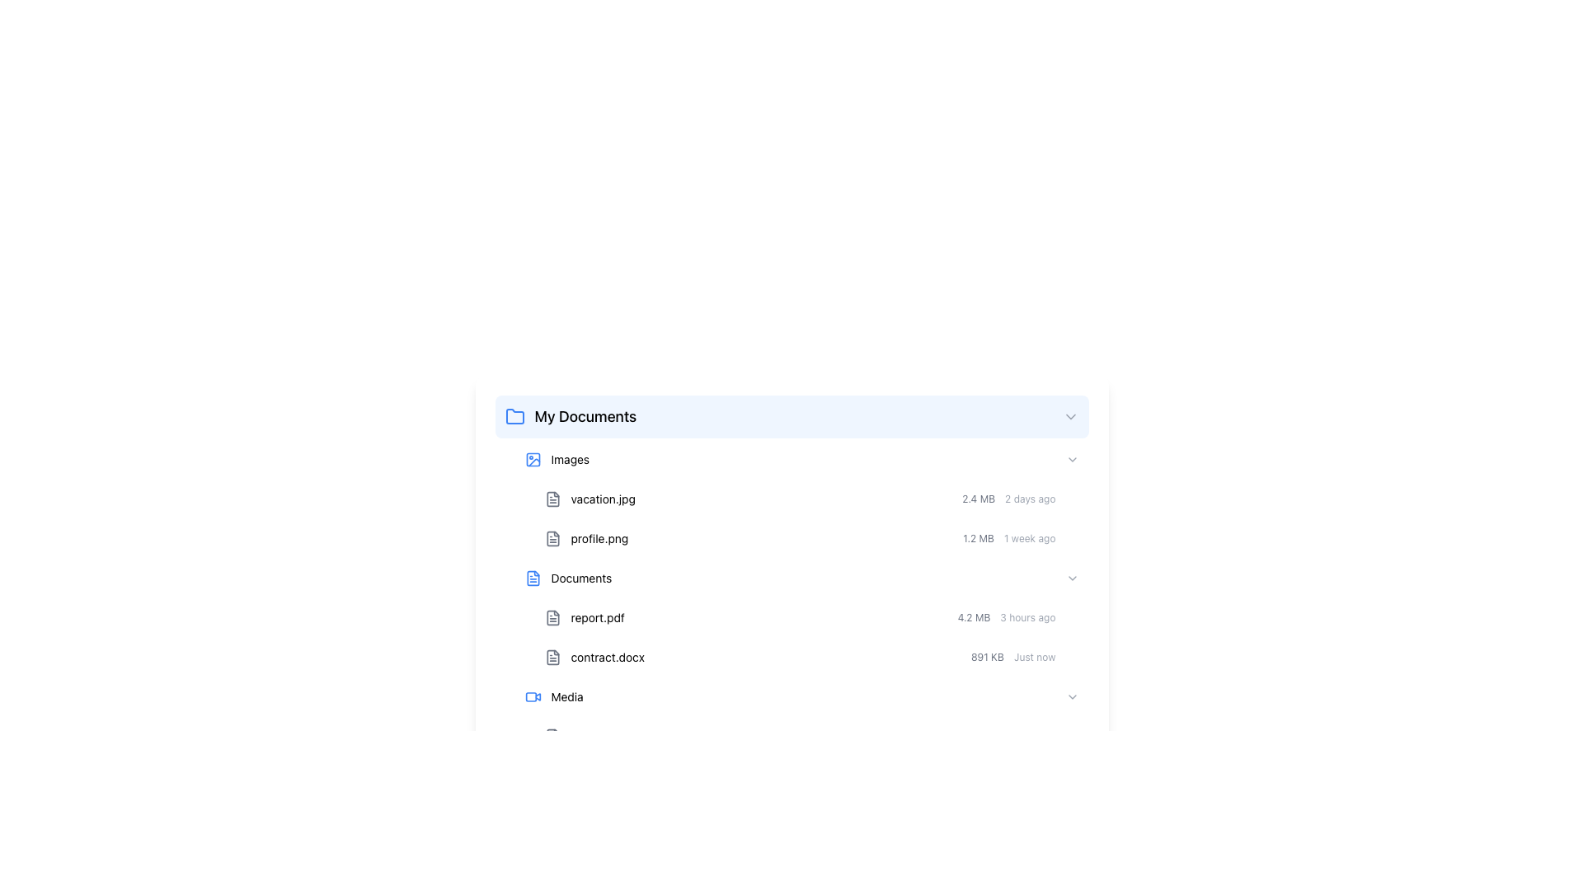 Image resolution: width=1583 pixels, height=890 pixels. Describe the element at coordinates (570, 460) in the screenshot. I see `the 'Images' text label, which serves as a category indication in the folder navigation system` at that location.